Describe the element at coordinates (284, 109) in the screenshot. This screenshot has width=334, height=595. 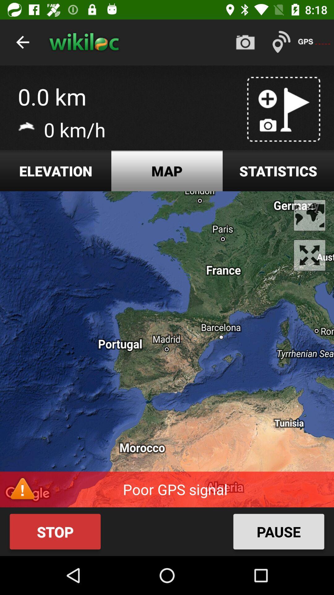
I see `the image above statistics` at that location.